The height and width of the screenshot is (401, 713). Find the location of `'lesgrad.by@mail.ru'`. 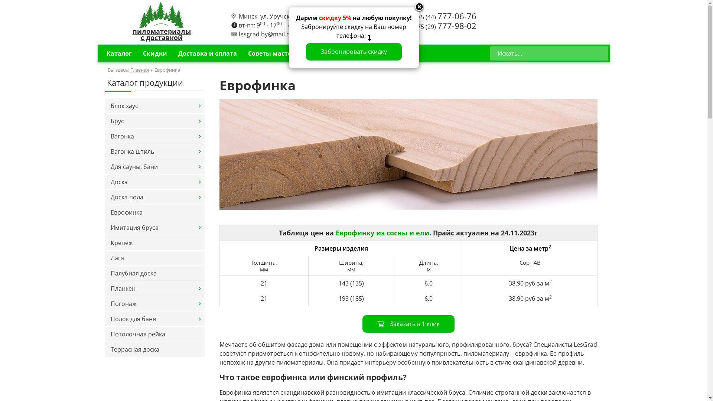

'lesgrad.by@mail.ru' is located at coordinates (265, 34).